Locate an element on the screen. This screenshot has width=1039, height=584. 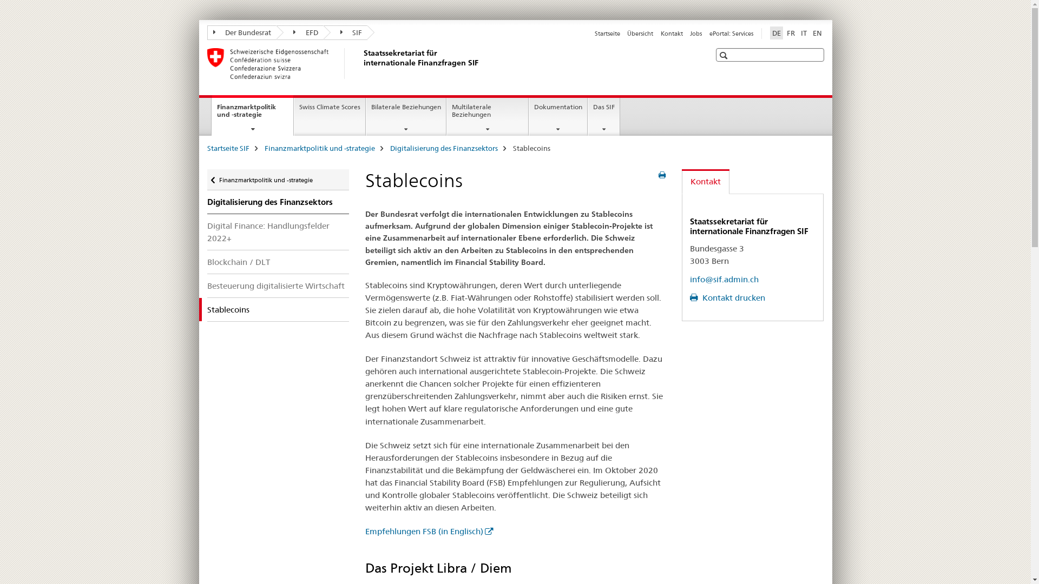
'EN' is located at coordinates (817, 32).